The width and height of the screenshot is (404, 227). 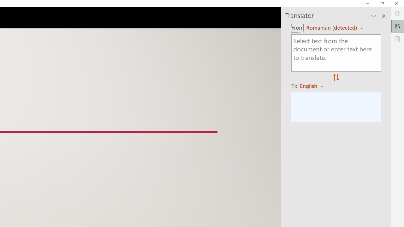 I want to click on 'Swap "from" and "to" languages.', so click(x=336, y=77).